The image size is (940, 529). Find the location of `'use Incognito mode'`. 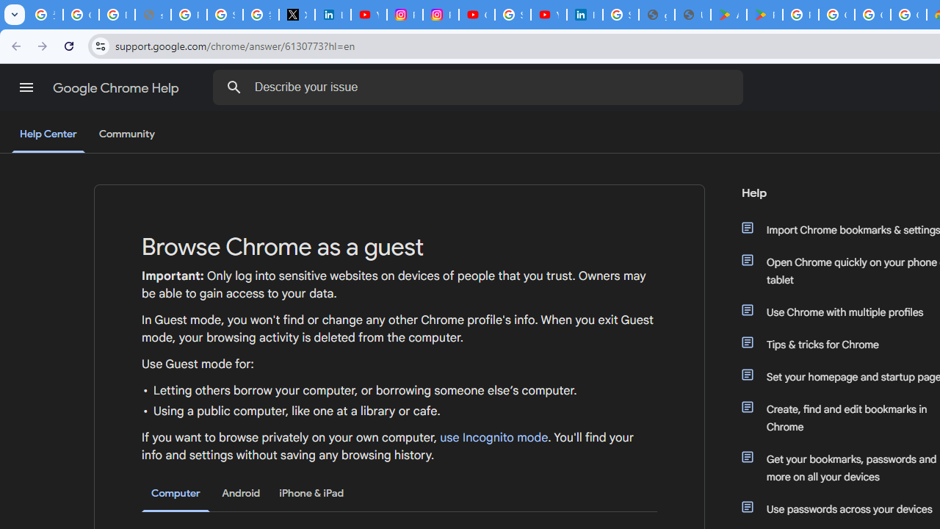

'use Incognito mode' is located at coordinates (494, 437).